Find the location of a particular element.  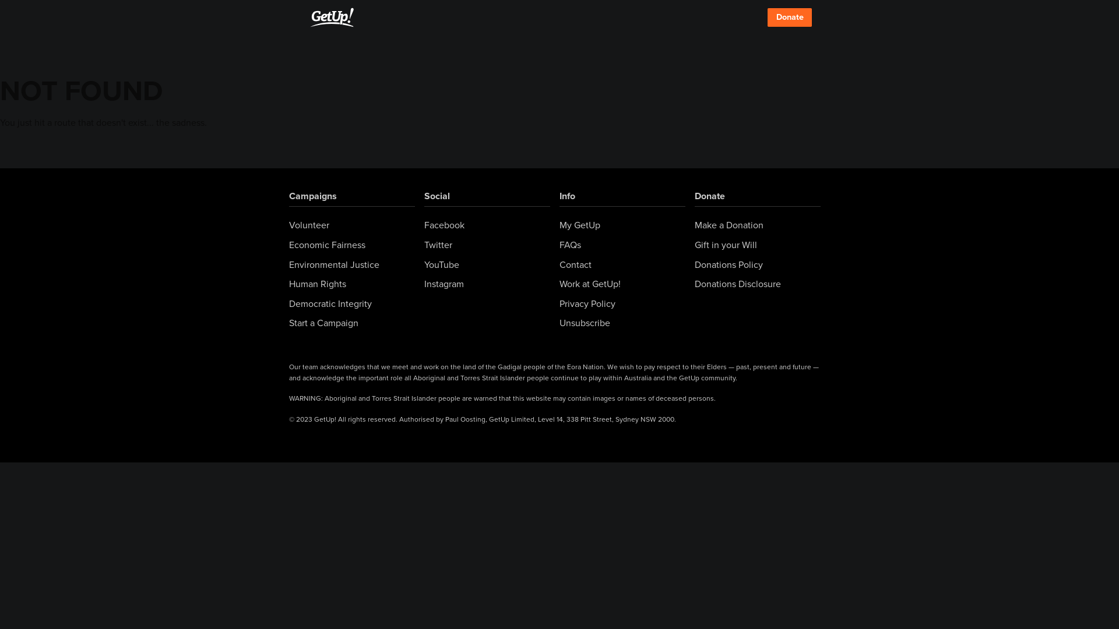

'Twitter' is located at coordinates (424, 244).